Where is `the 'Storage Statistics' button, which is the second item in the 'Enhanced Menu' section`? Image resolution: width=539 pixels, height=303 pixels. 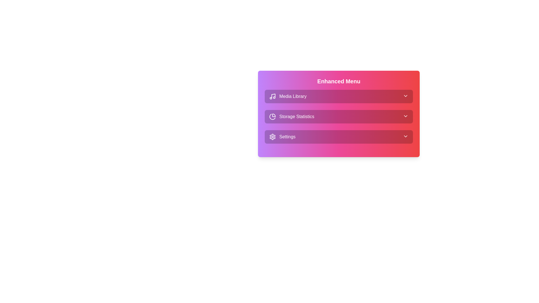 the 'Storage Statistics' button, which is the second item in the 'Enhanced Menu' section is located at coordinates (338, 116).